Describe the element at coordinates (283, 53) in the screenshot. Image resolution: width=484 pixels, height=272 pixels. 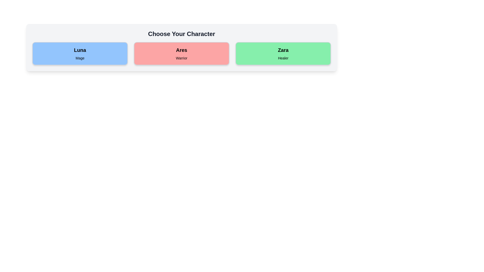
I see `the character card for Zara` at that location.